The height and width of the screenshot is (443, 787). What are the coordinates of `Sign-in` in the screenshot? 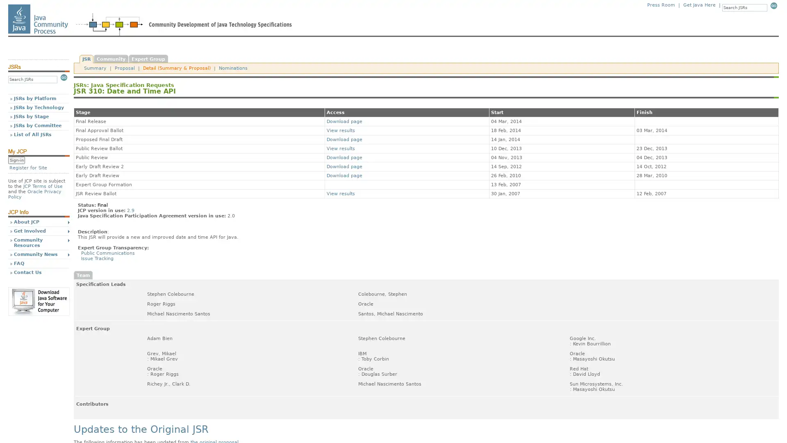 It's located at (16, 160).